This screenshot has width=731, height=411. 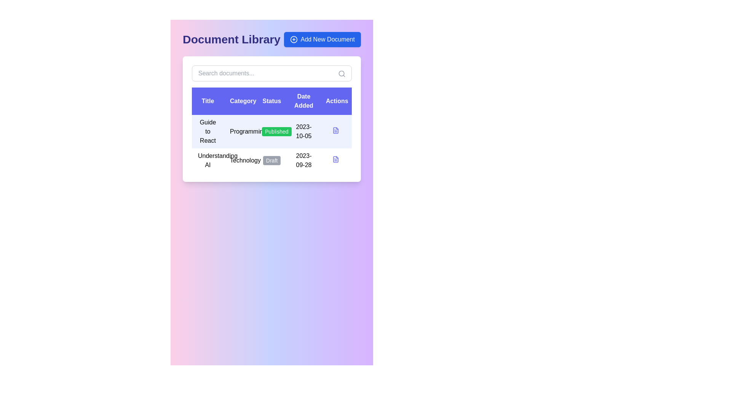 I want to click on the static text displaying the date '2023-09-28' located in the fourth column of the second row under the 'Date Added' header, so click(x=303, y=160).